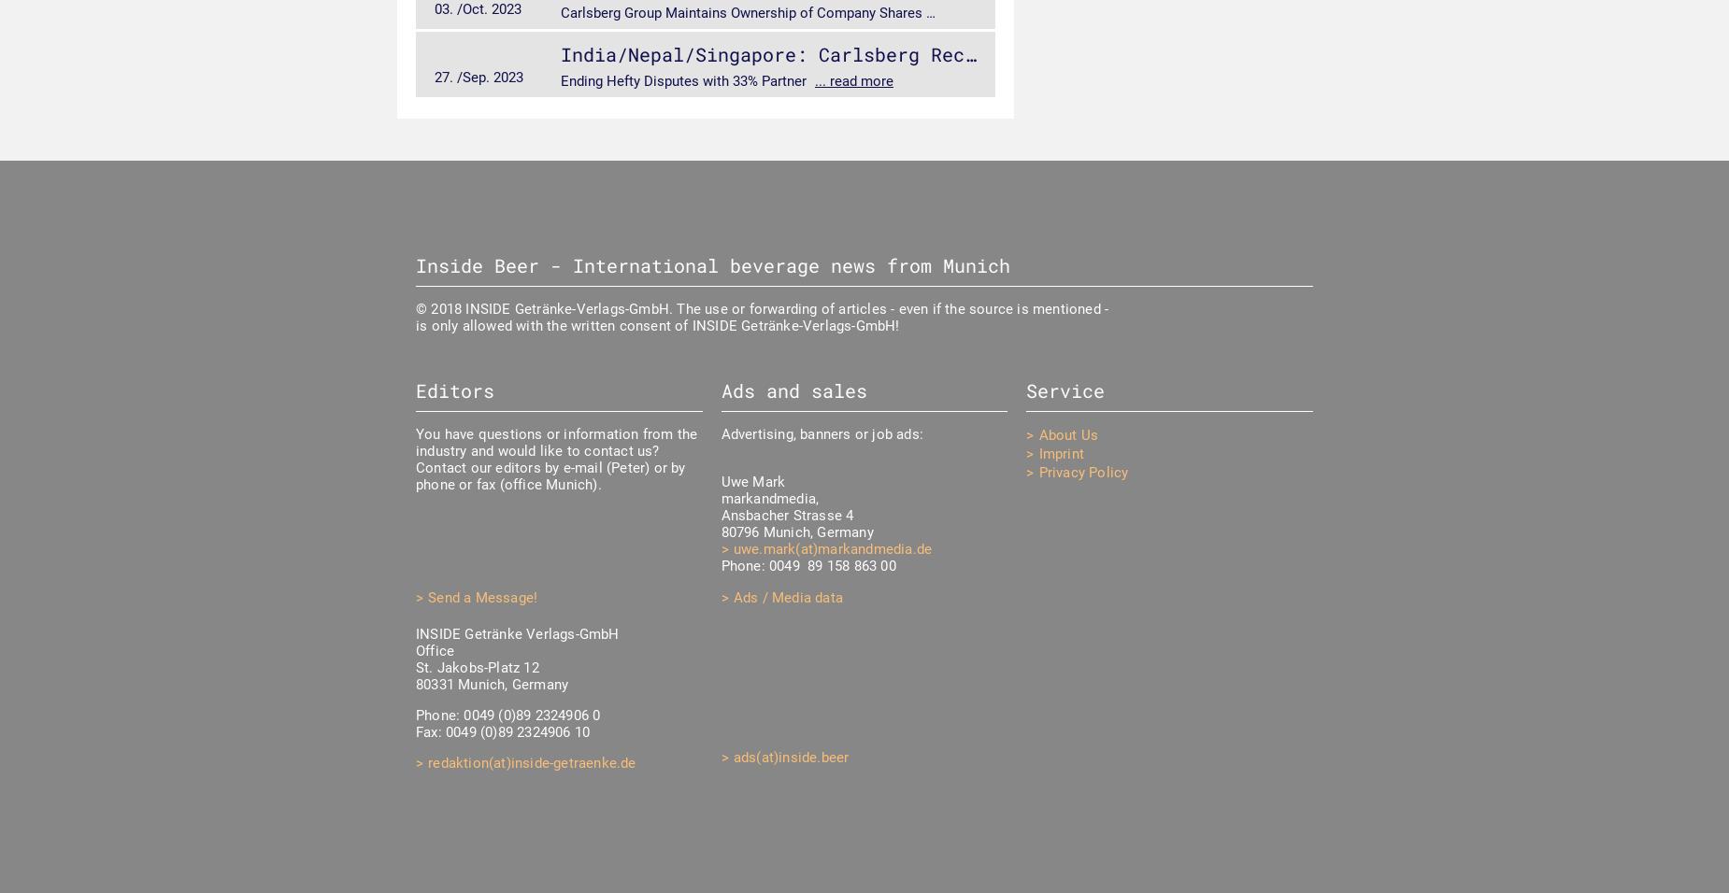 This screenshot has width=1729, height=893. Describe the element at coordinates (685, 79) in the screenshot. I see `'Ending Hefty Disputes with 33% Partner'` at that location.